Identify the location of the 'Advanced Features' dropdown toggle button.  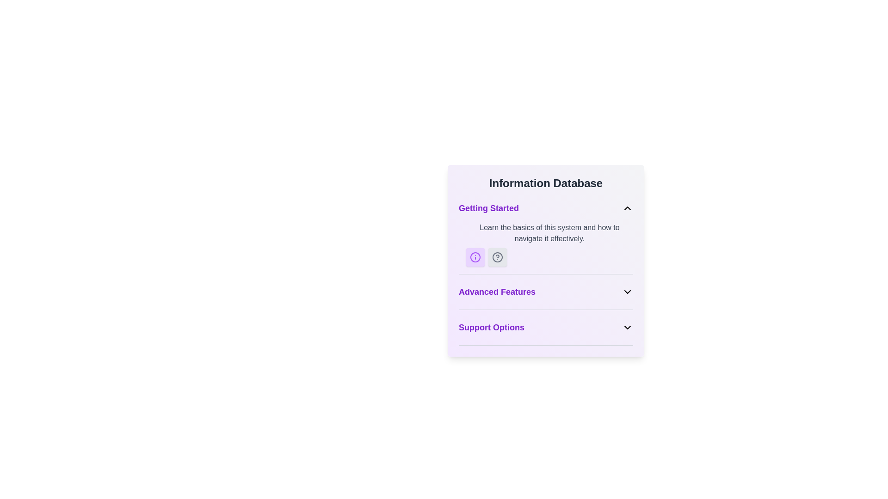
(546, 292).